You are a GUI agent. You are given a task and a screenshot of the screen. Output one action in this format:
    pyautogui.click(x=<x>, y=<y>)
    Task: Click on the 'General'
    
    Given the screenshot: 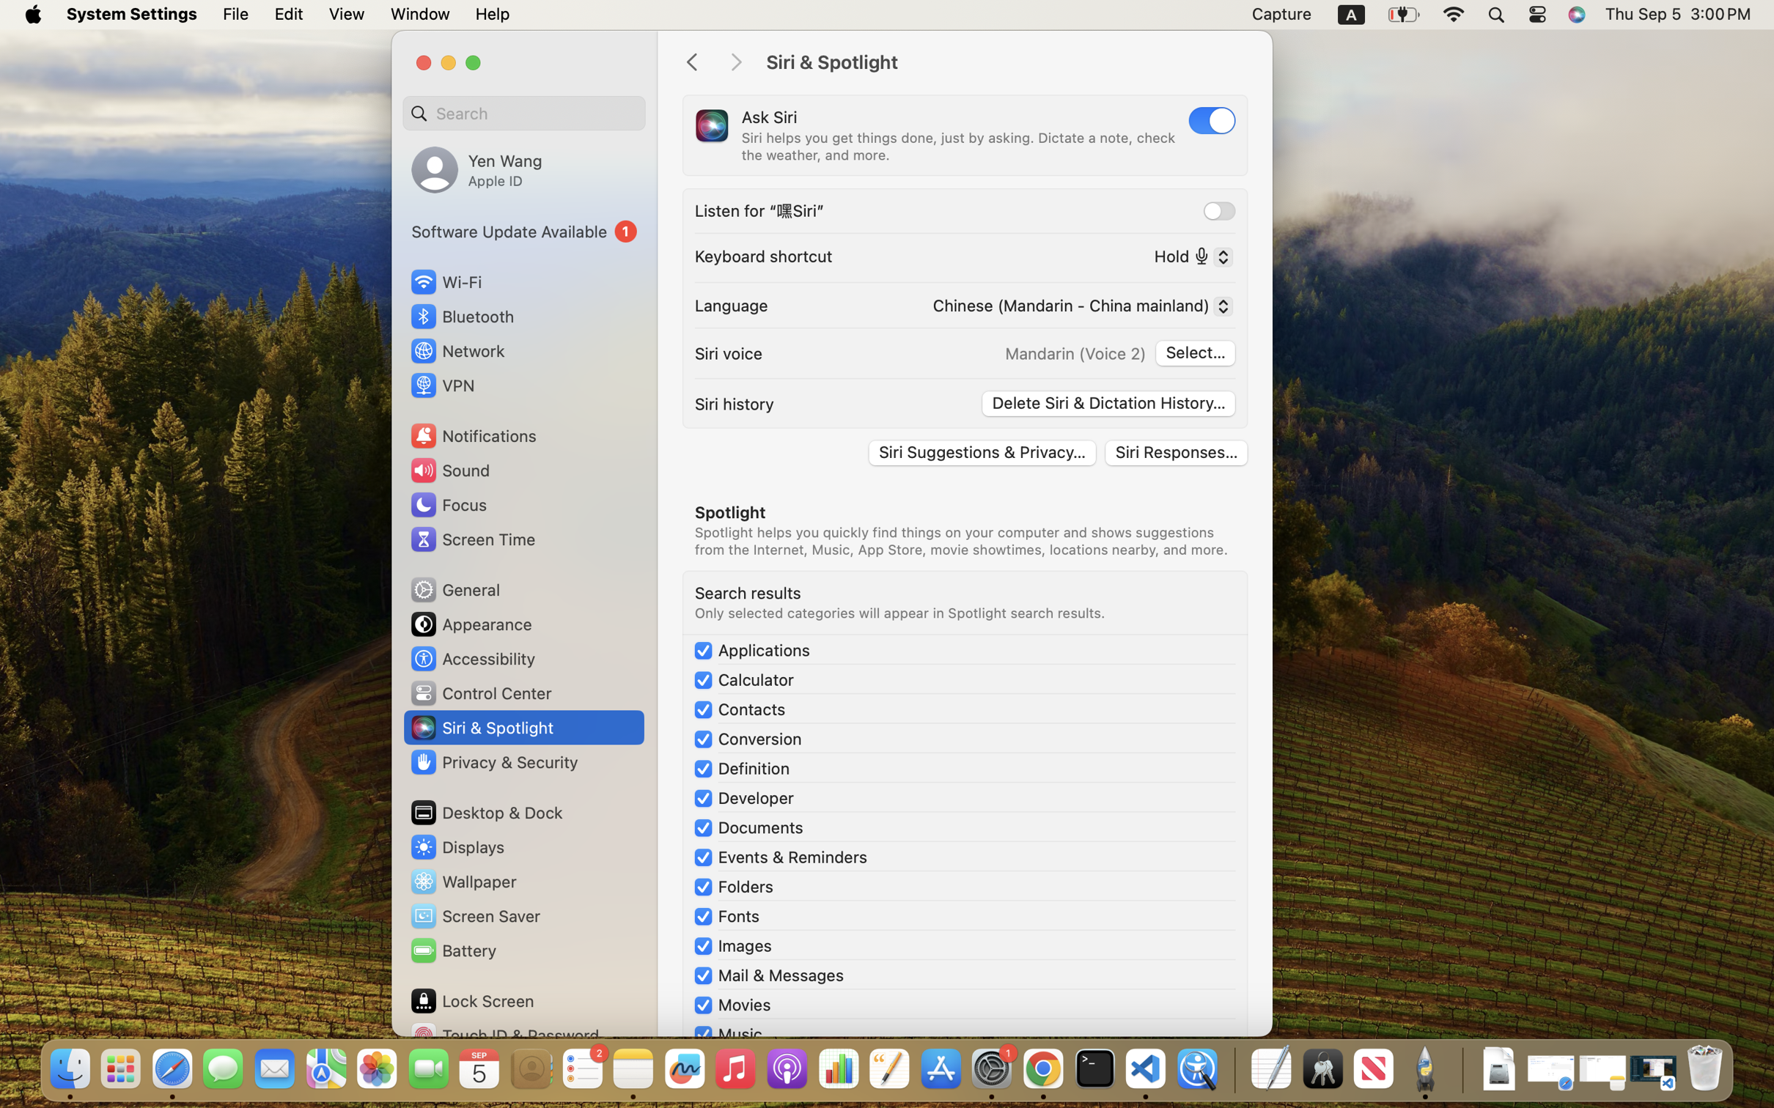 What is the action you would take?
    pyautogui.click(x=453, y=588)
    